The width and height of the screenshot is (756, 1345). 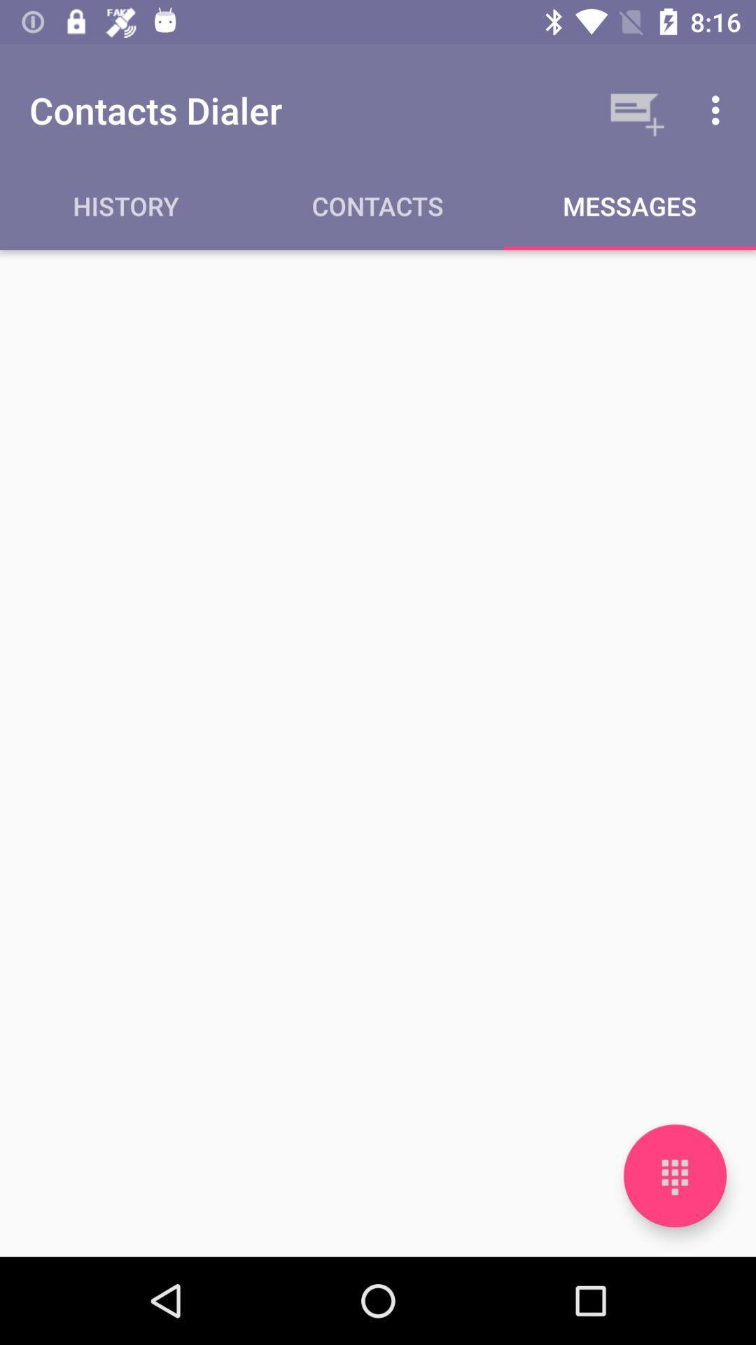 What do you see at coordinates (674, 1175) in the screenshot?
I see `open number pad` at bounding box center [674, 1175].